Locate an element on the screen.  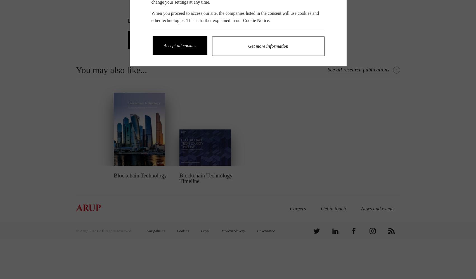
'Get more information' is located at coordinates (268, 46).